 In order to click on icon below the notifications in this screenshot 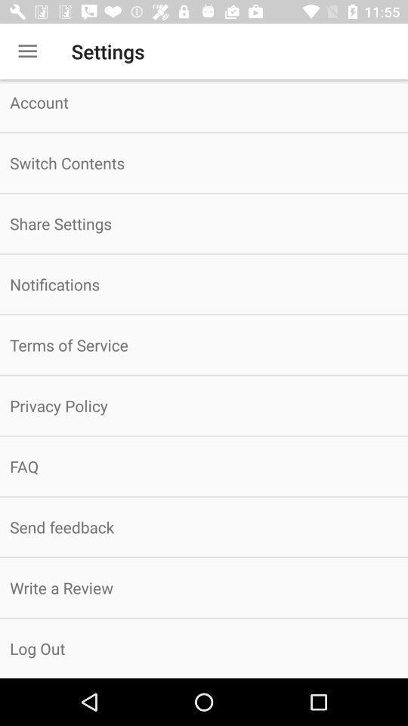, I will do `click(204, 345)`.